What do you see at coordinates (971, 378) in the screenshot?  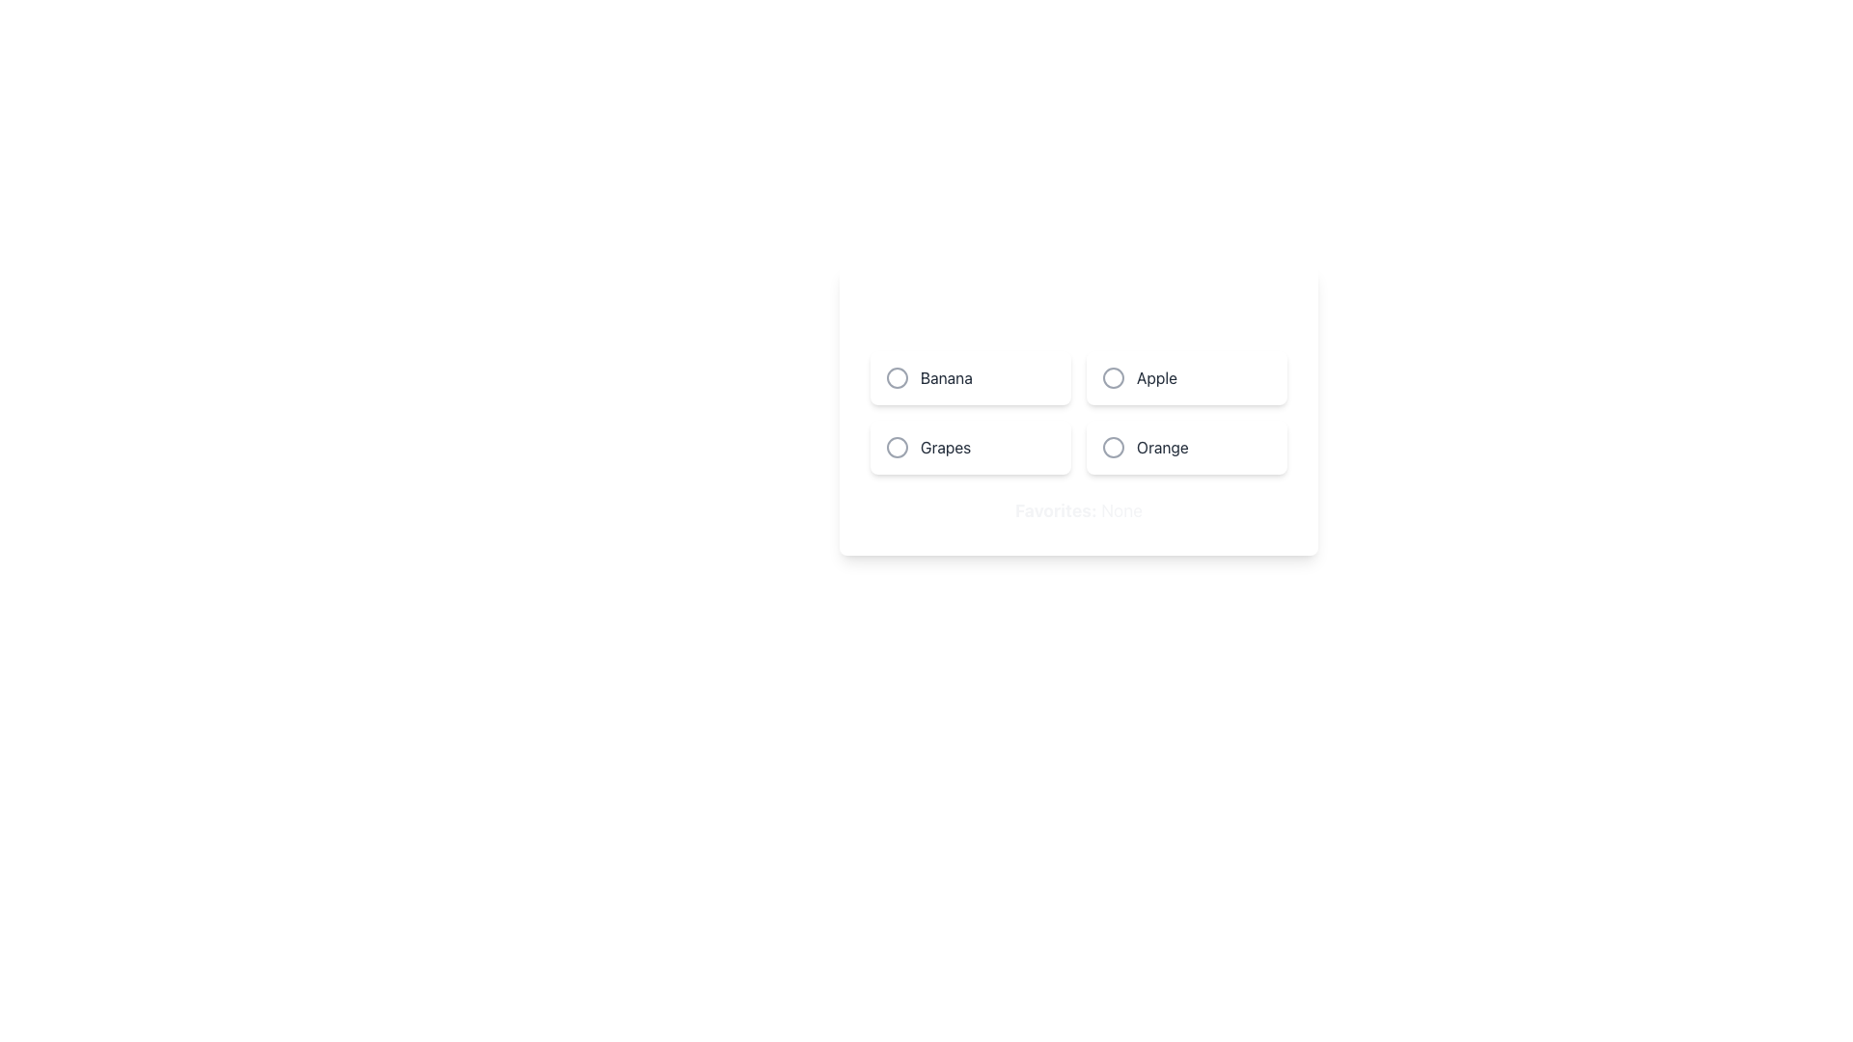 I see `the 'Banana' radio button element, which is the first option in a grid of four items` at bounding box center [971, 378].